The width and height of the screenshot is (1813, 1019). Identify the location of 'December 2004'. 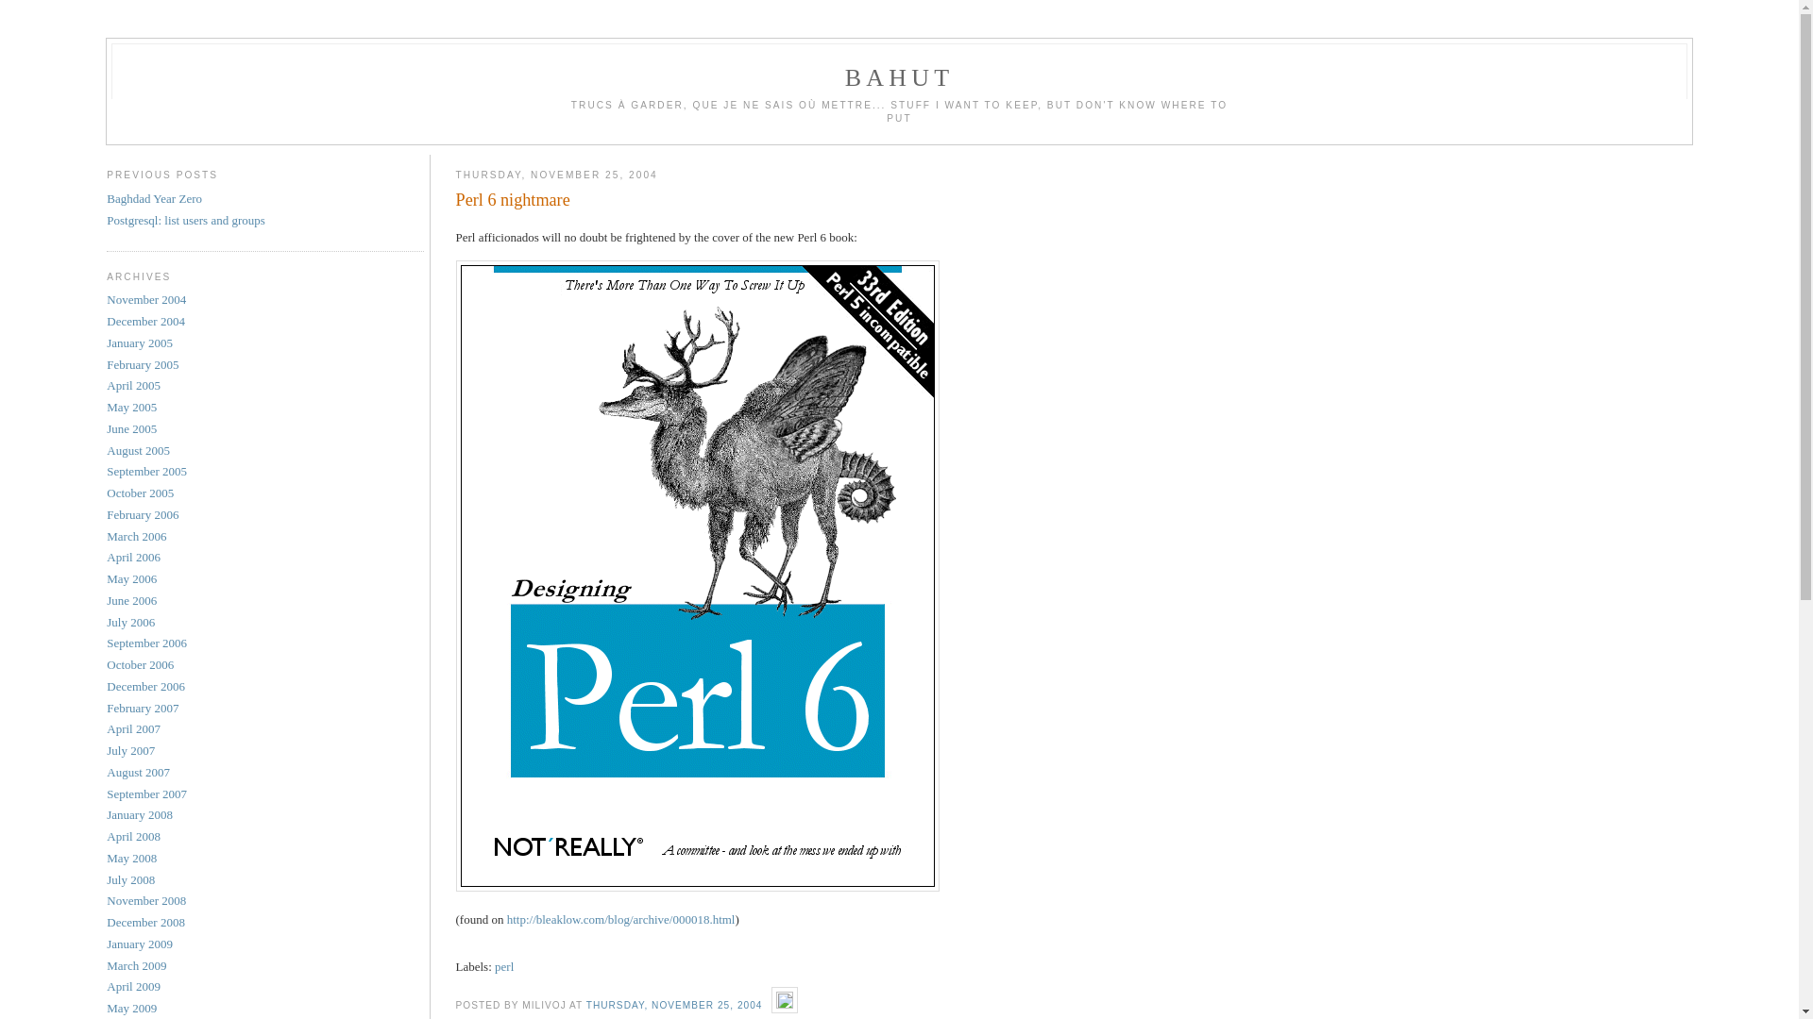
(144, 320).